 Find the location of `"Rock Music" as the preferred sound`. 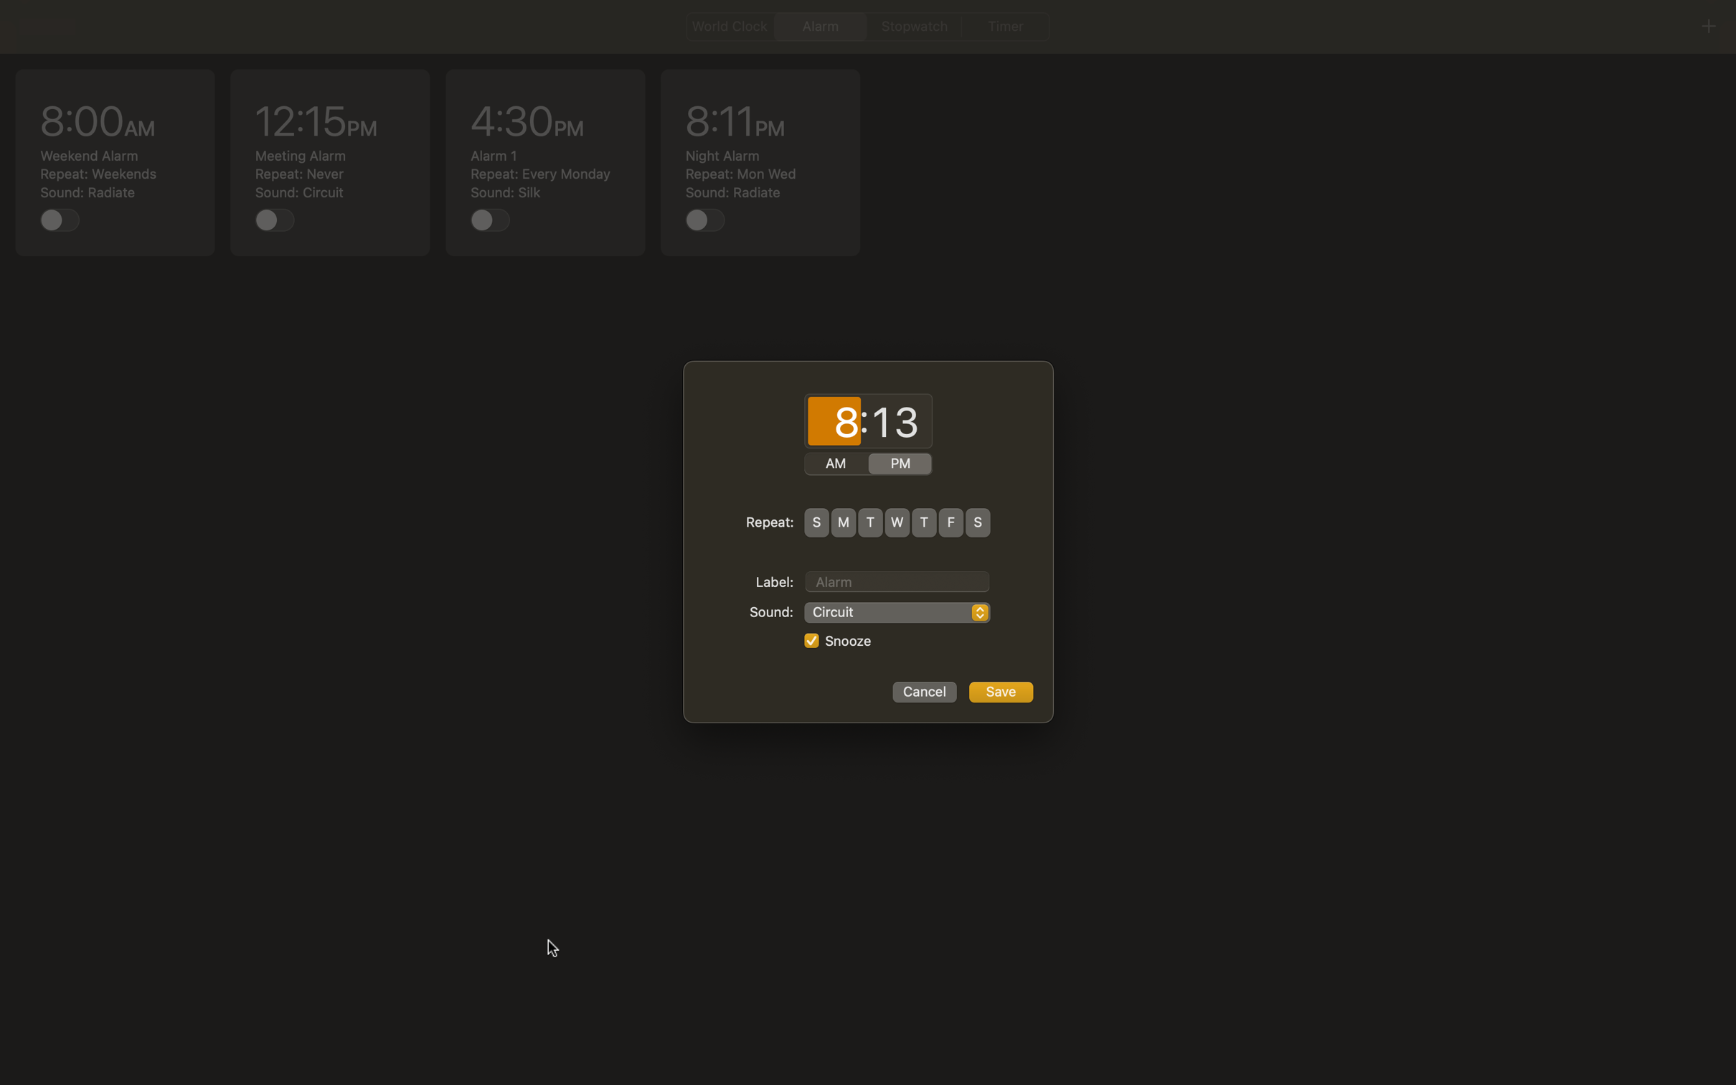

"Rock Music" as the preferred sound is located at coordinates (897, 612).